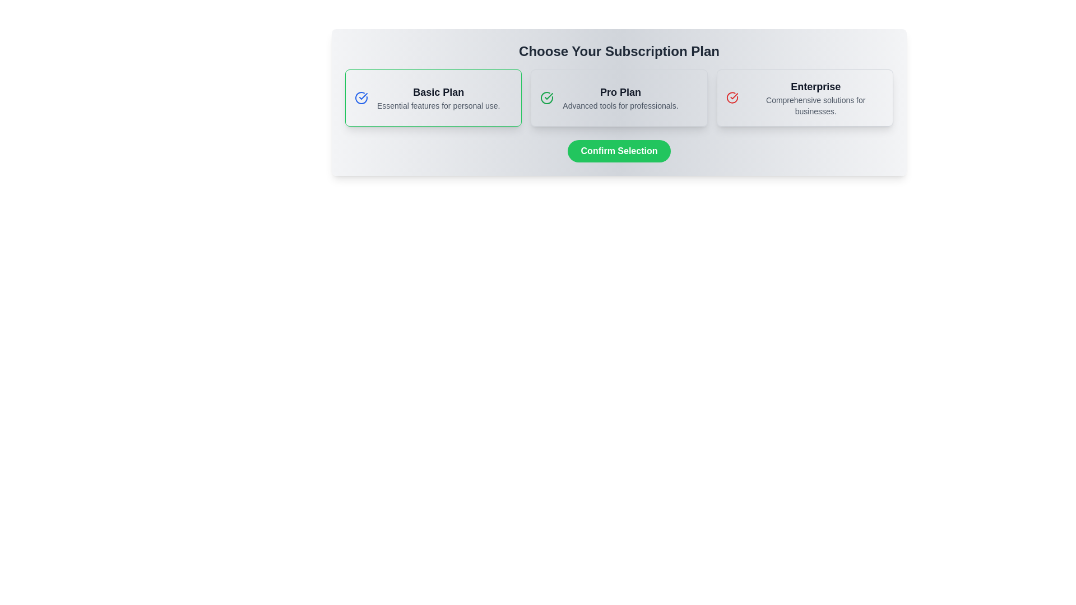 This screenshot has width=1076, height=605. Describe the element at coordinates (620, 92) in the screenshot. I see `the 'Pro Plan' text label, which is styled in bold dark gray or black and is positioned at the top of its card in the subscription selection UI` at that location.